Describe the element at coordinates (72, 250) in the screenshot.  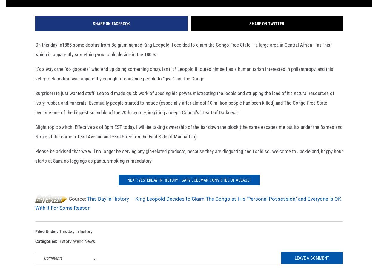
I see `','` at that location.